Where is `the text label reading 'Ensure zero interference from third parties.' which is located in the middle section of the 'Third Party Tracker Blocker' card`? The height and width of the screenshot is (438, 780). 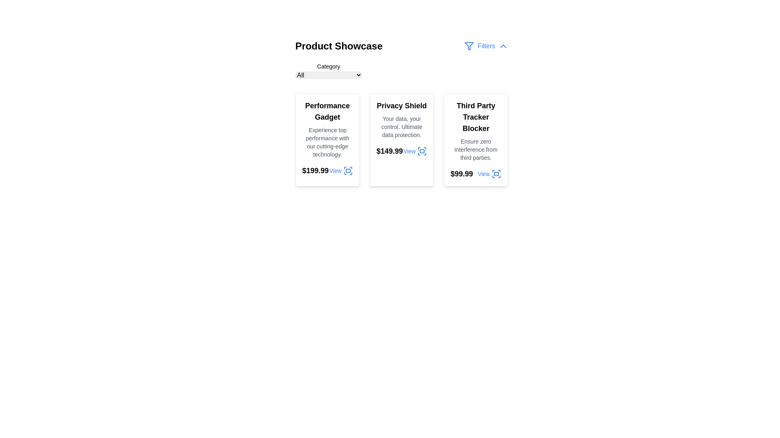
the text label reading 'Ensure zero interference from third parties.' which is located in the middle section of the 'Third Party Tracker Blocker' card is located at coordinates (476, 150).